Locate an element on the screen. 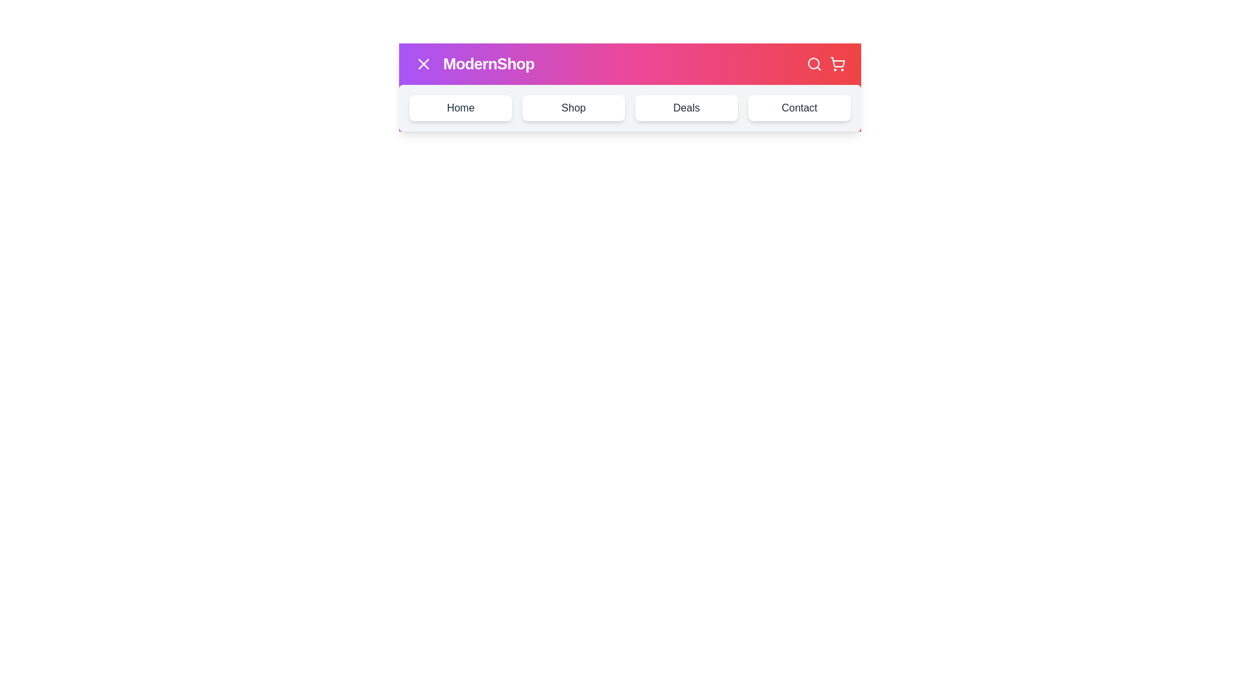 Image resolution: width=1246 pixels, height=700 pixels. the navigation link labeled Contact is located at coordinates (799, 107).